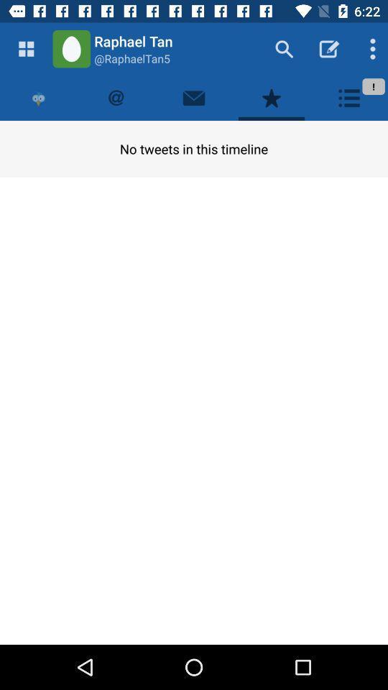  I want to click on the search button icon, so click(284, 49).